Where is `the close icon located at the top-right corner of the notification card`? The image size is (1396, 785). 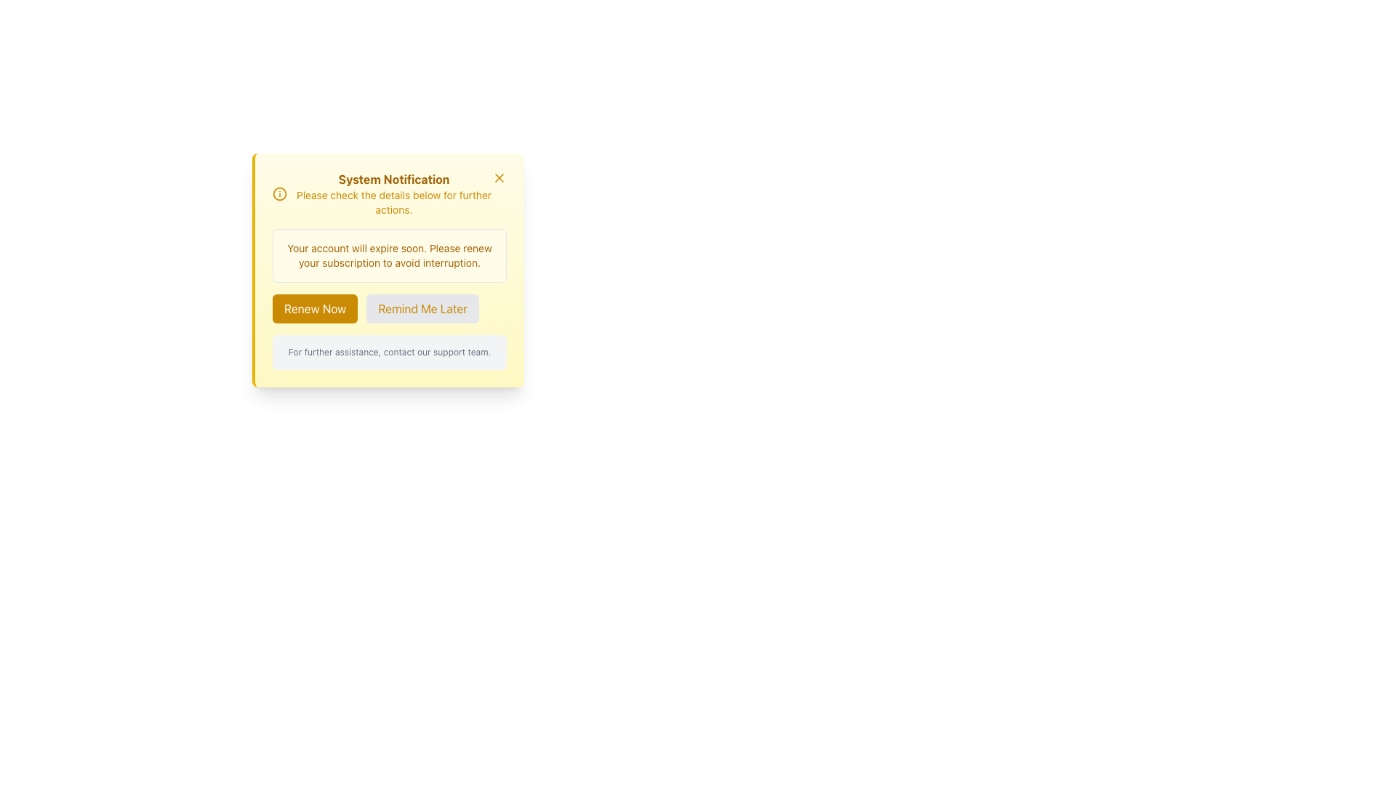 the close icon located at the top-right corner of the notification card is located at coordinates (499, 177).